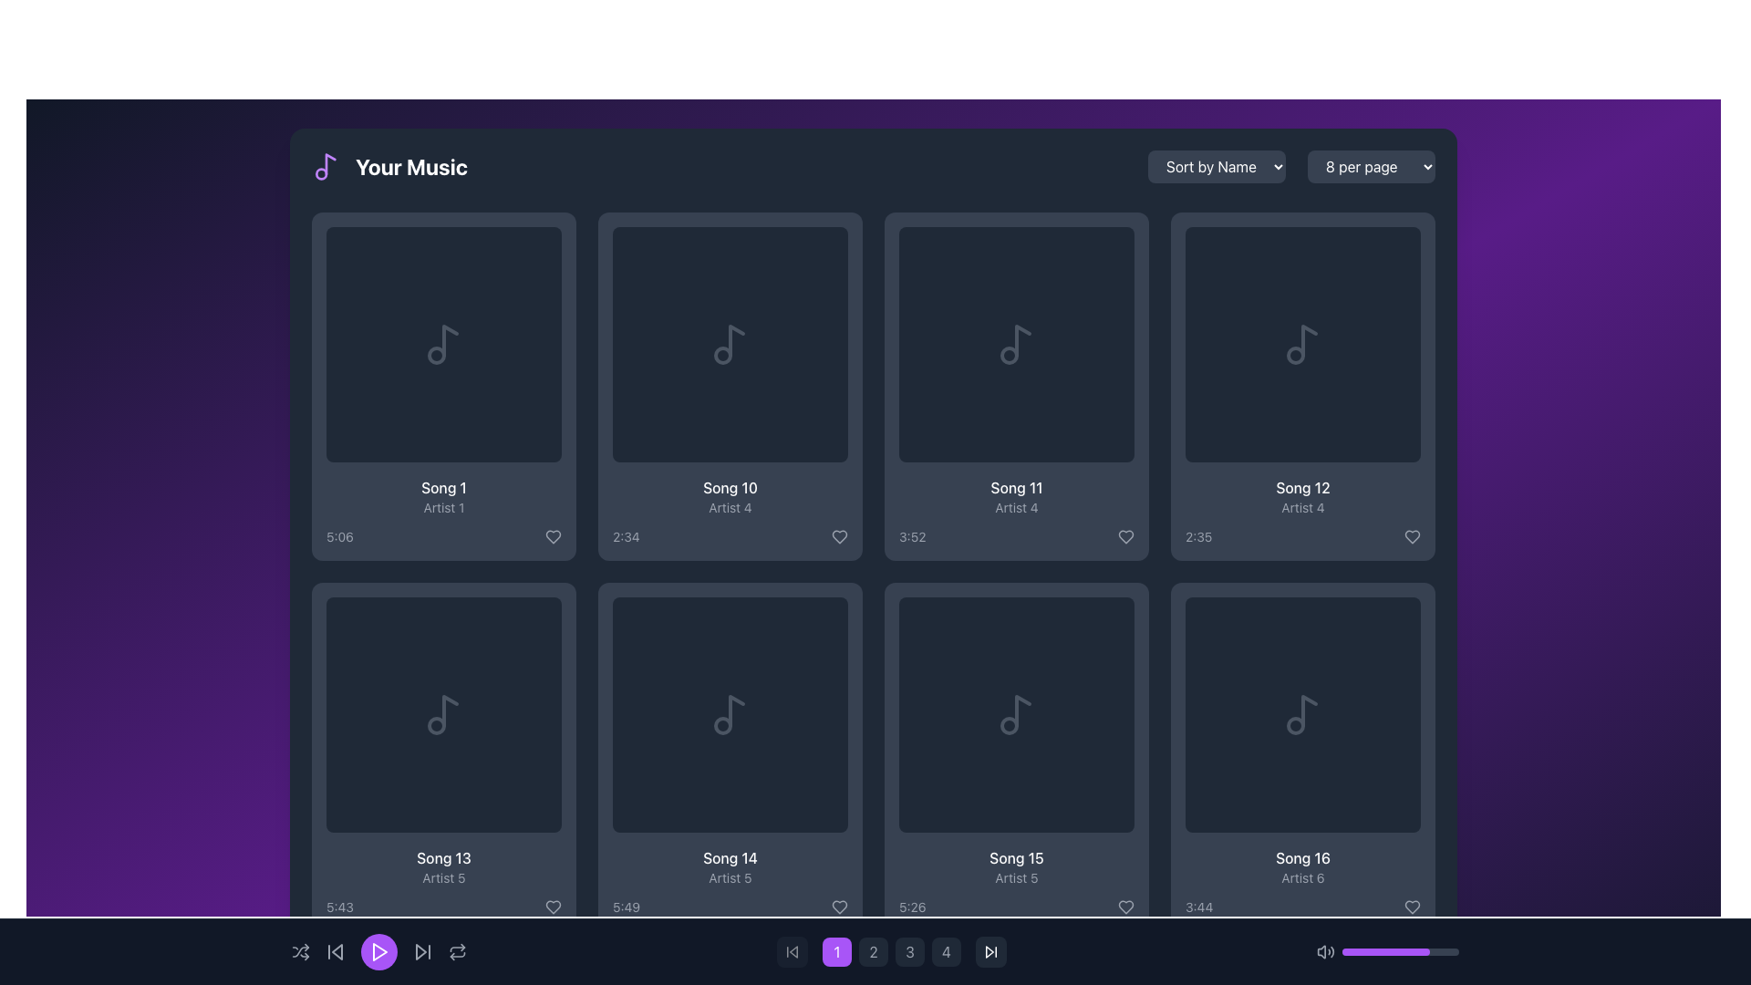 The height and width of the screenshot is (985, 1751). What do you see at coordinates (839, 907) in the screenshot?
I see `the heart-shaped icon button located below the 'Song 14' item to mark it as a favorite` at bounding box center [839, 907].